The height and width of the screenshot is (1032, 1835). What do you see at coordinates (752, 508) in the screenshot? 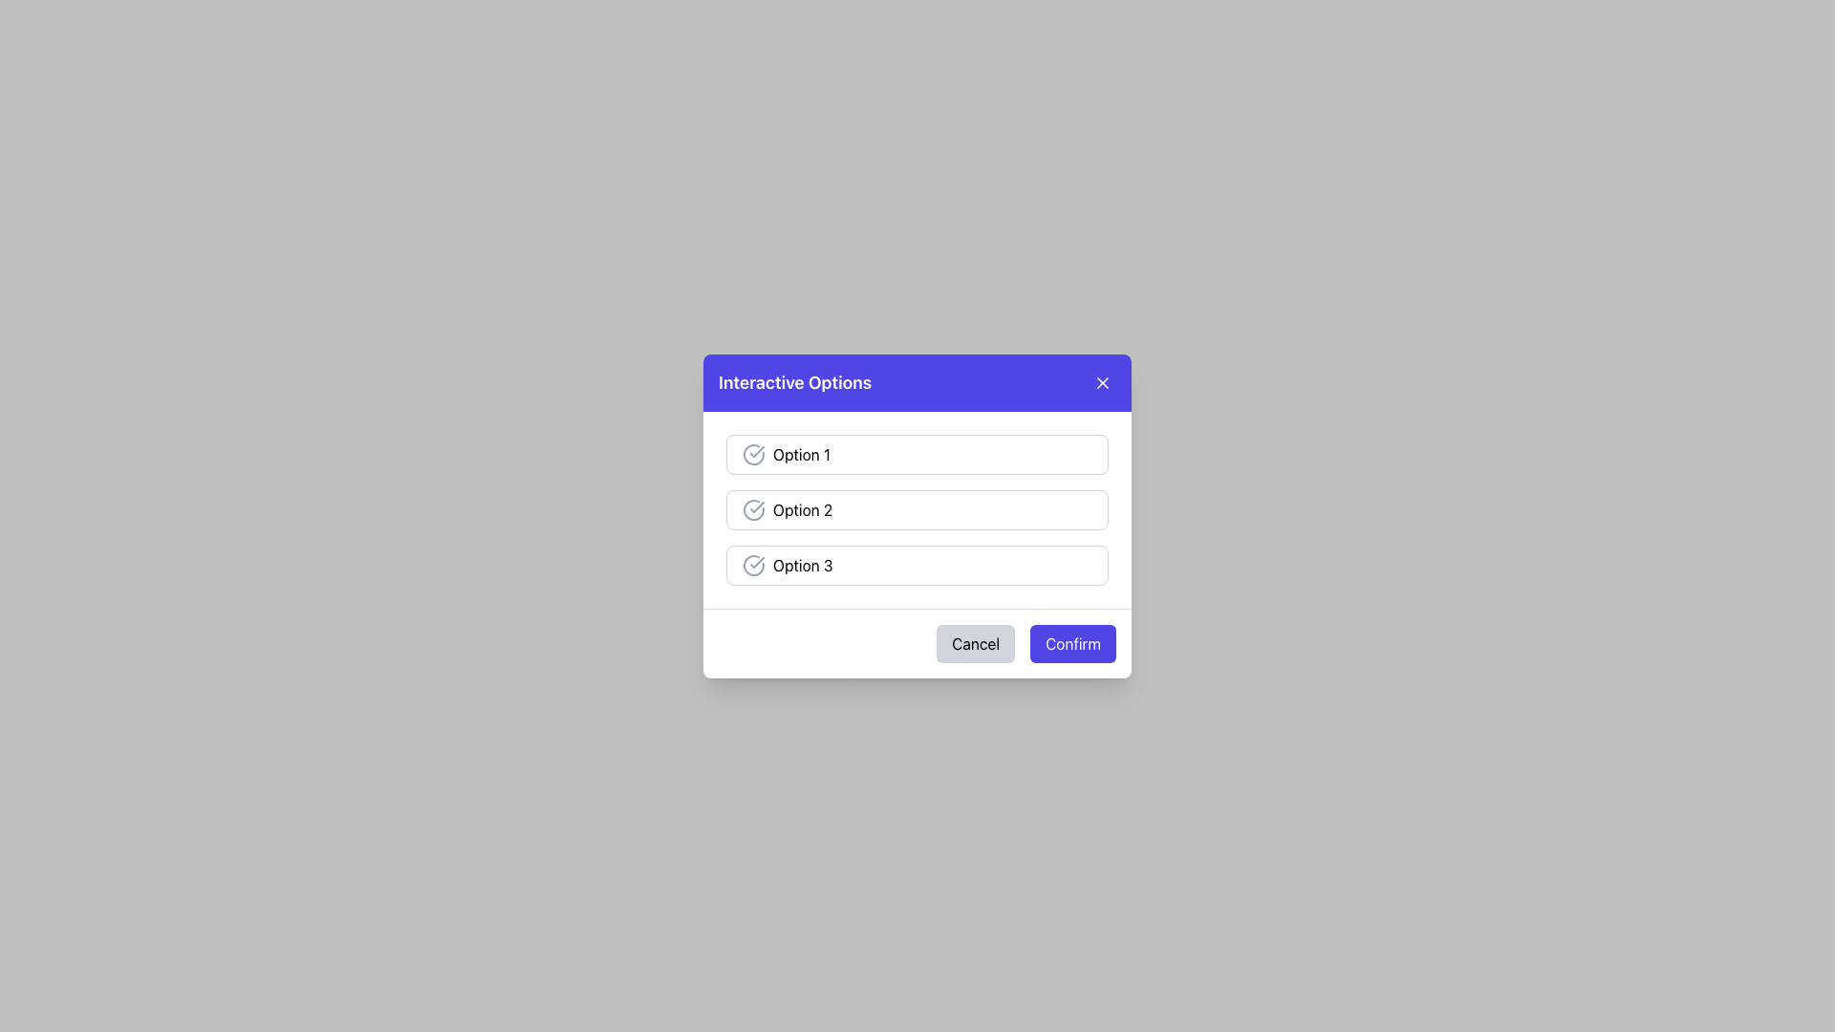
I see `the Circle with Checkmark icon indicating that 'Option 2' is selected in the selection list` at bounding box center [752, 508].